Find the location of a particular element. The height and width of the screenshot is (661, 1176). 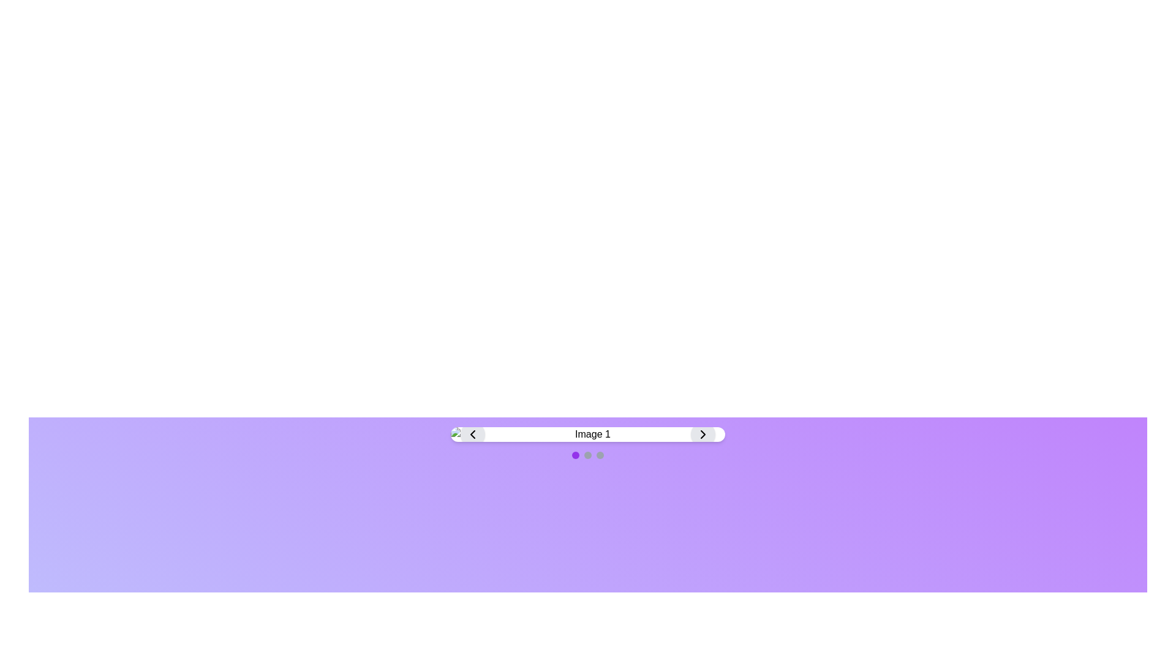

the rightward-pointing chevron icon embedded within the circular button on the far-right side of the navigational bar is located at coordinates (703, 433).